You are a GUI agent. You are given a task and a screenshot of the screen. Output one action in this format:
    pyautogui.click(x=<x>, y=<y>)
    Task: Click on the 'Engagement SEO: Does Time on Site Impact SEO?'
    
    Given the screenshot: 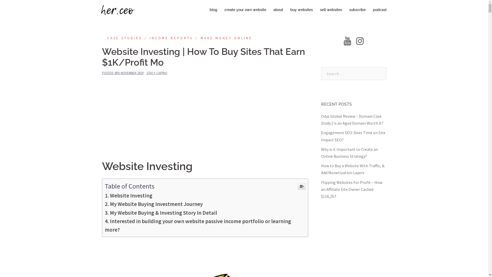 What is the action you would take?
    pyautogui.click(x=353, y=136)
    